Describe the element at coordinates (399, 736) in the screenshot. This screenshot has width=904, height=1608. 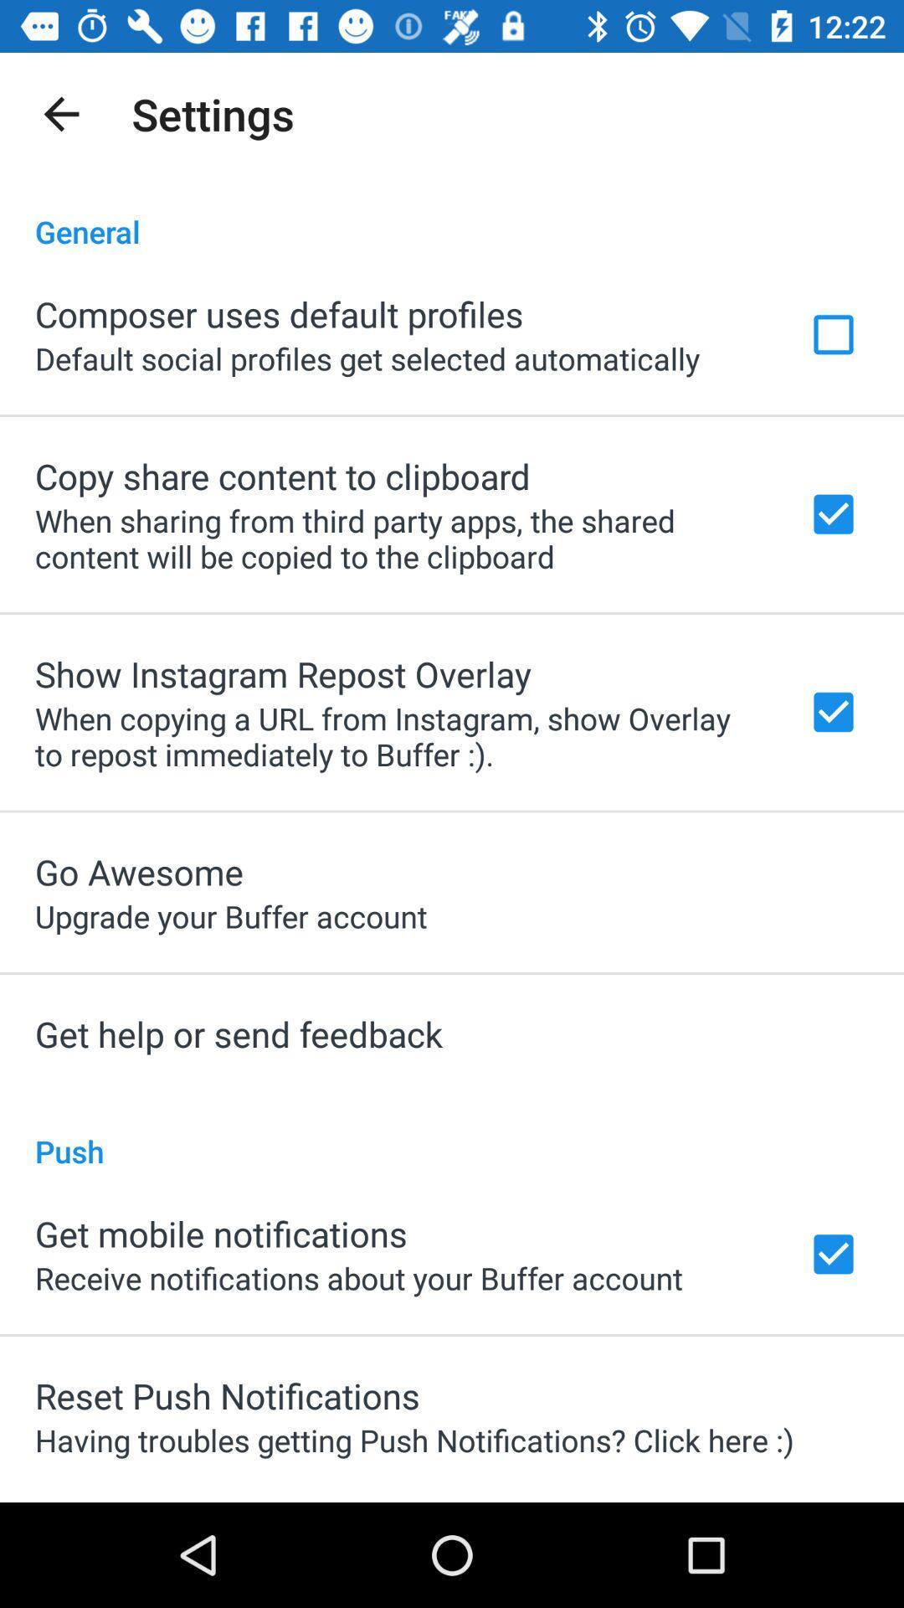
I see `the item above the go awesome` at that location.